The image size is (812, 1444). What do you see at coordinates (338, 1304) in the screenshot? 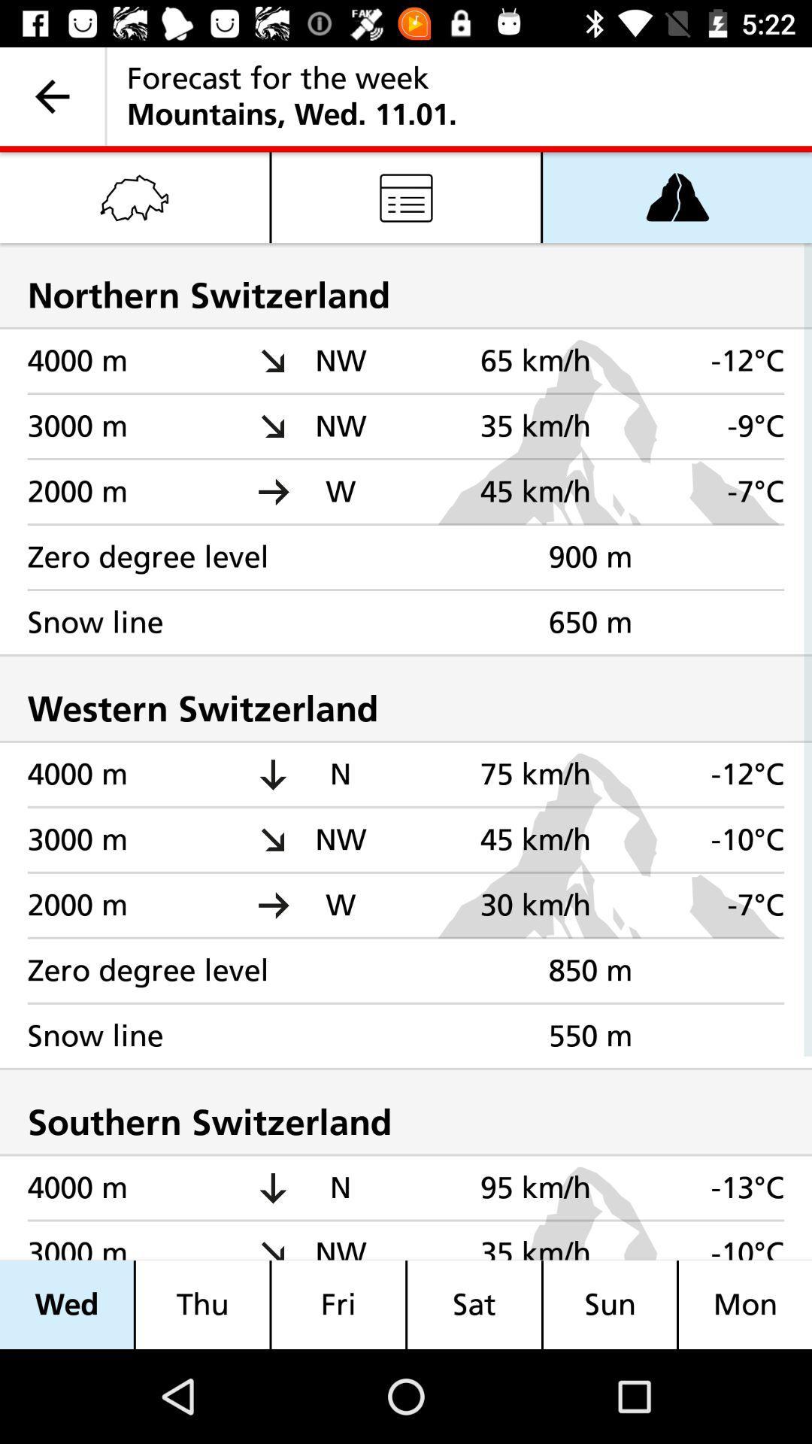
I see `the item next to the thu` at bounding box center [338, 1304].